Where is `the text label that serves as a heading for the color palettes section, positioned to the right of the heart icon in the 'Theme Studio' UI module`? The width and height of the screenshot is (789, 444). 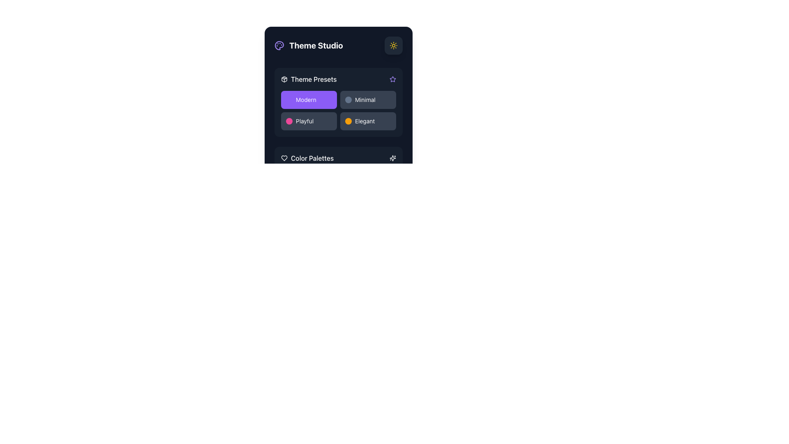
the text label that serves as a heading for the color palettes section, positioned to the right of the heart icon in the 'Theme Studio' UI module is located at coordinates (311, 158).